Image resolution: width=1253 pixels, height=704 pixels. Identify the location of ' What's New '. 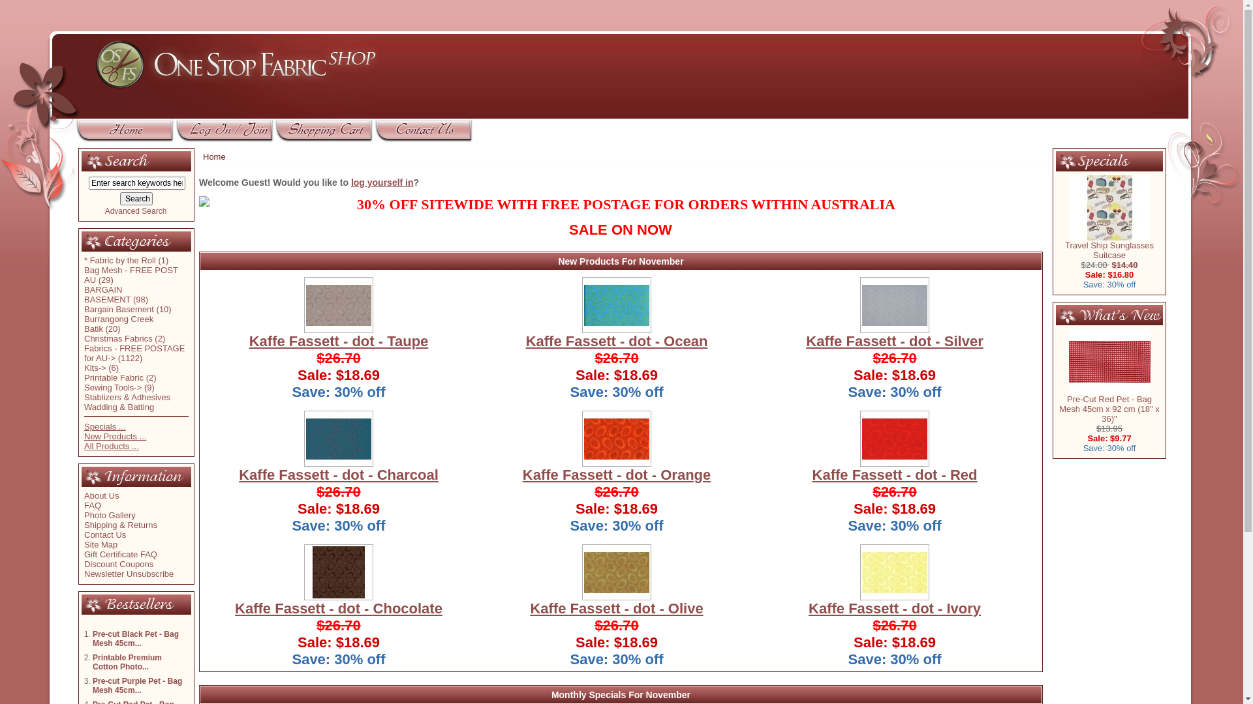
(1055, 315).